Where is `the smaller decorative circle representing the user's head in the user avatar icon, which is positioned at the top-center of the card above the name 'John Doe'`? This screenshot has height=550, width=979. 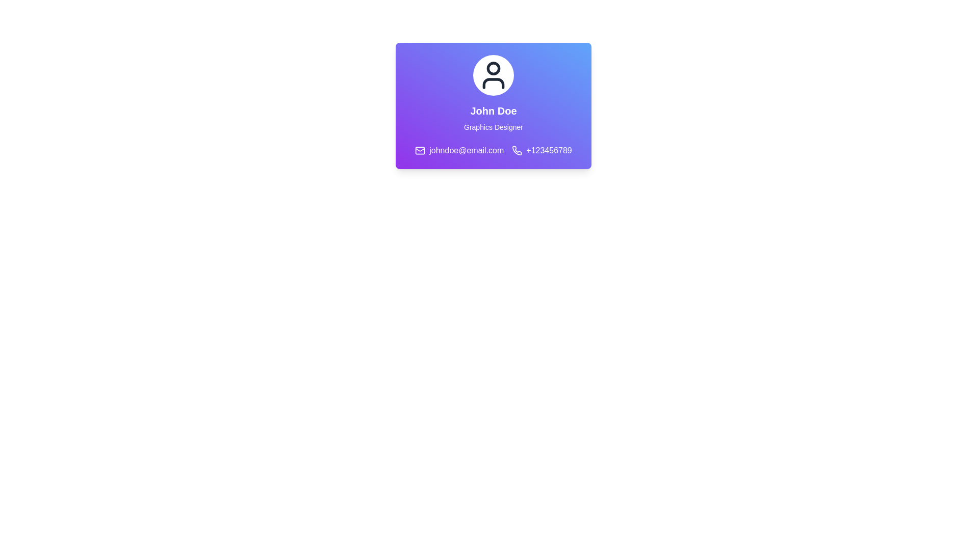
the smaller decorative circle representing the user's head in the user avatar icon, which is positioned at the top-center of the card above the name 'John Doe' is located at coordinates (494, 68).